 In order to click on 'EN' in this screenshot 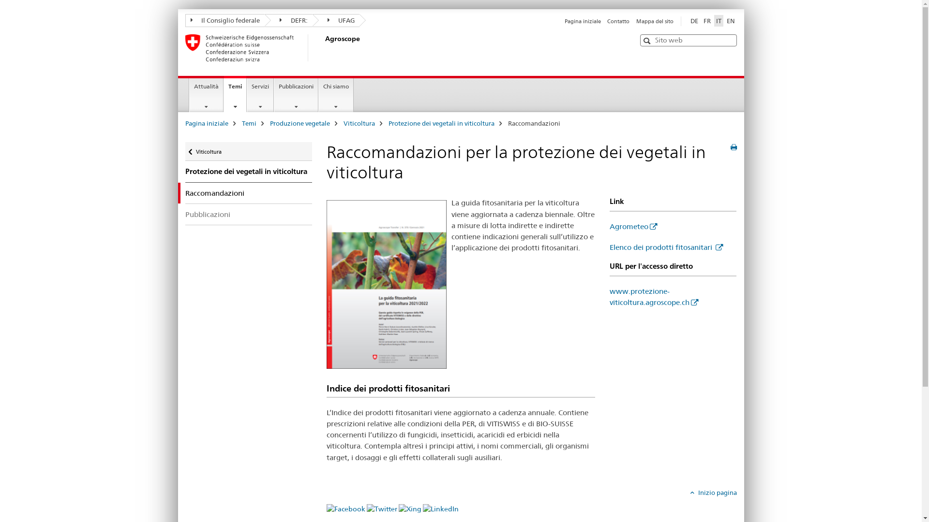, I will do `click(731, 20)`.